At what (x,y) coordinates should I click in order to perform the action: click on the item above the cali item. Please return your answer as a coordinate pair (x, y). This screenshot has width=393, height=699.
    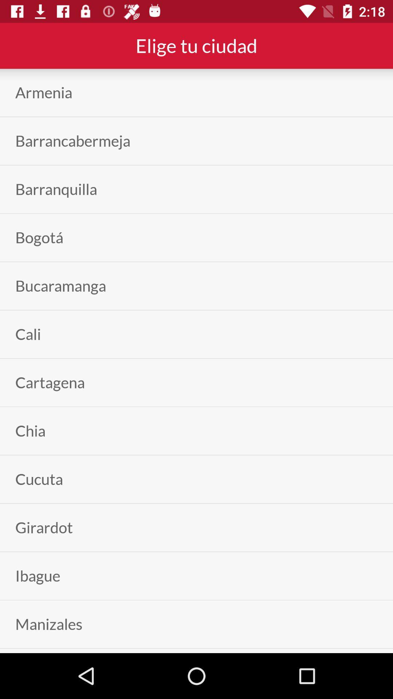
    Looking at the image, I should click on (60, 285).